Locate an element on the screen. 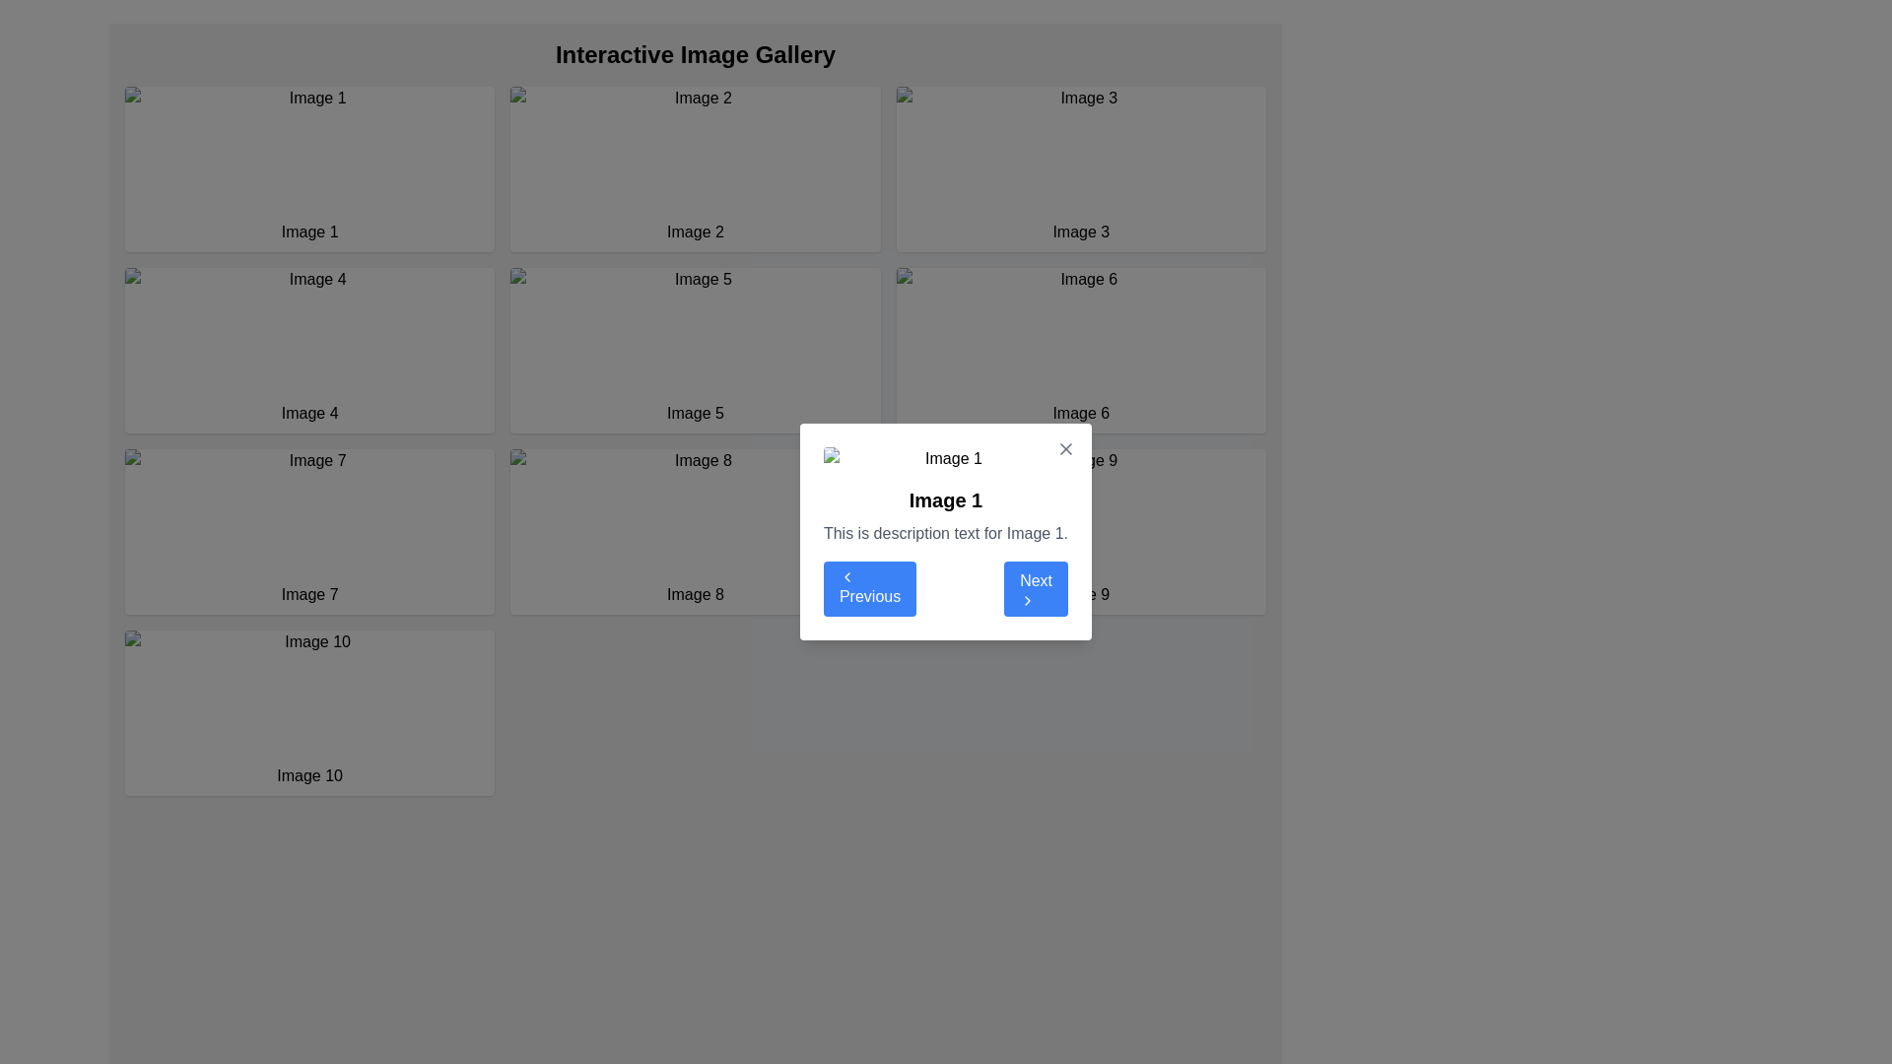 This screenshot has width=1892, height=1064. text label 'Image 1' positioned at the bottom of a card structure in the grid layout is located at coordinates (308, 231).